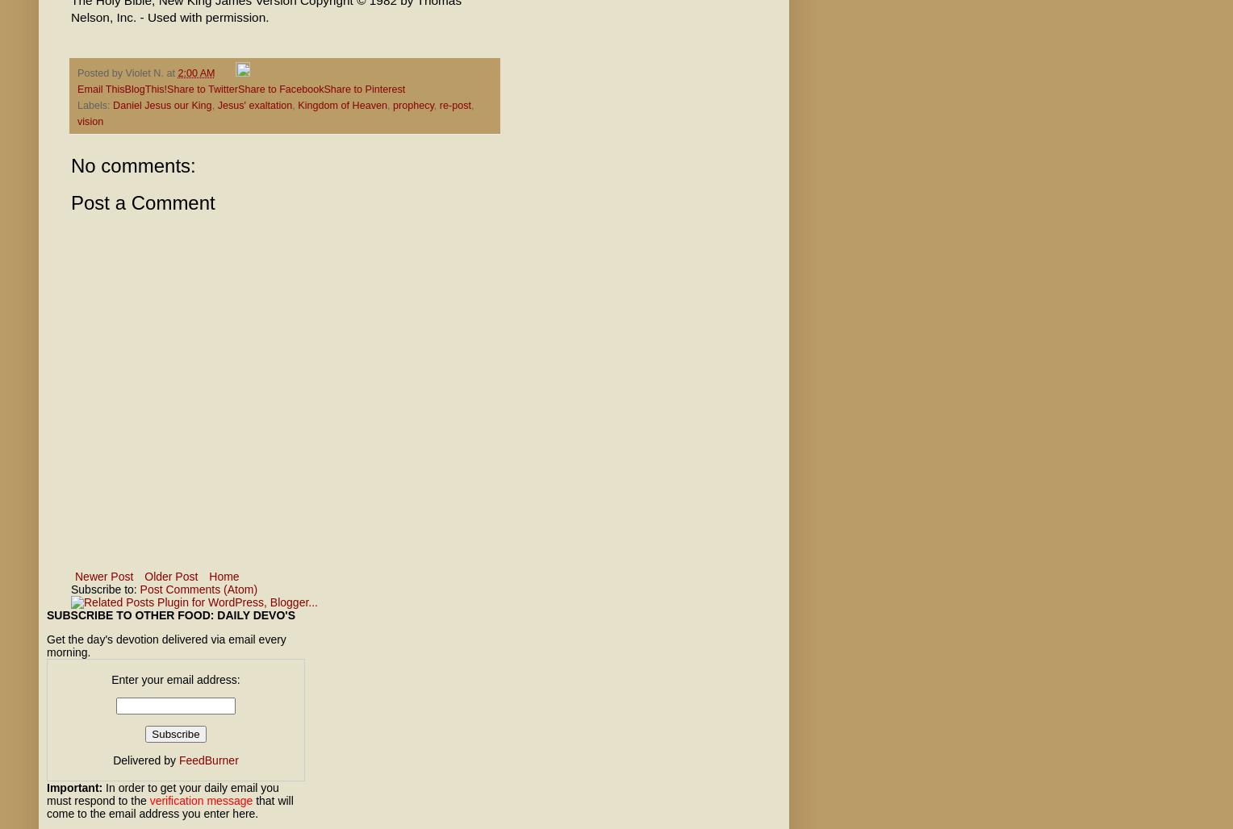 This screenshot has height=829, width=1233. Describe the element at coordinates (198, 589) in the screenshot. I see `'Post Comments (Atom)'` at that location.